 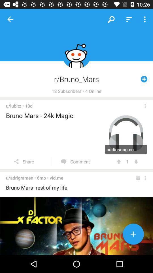 I want to click on open options or settings menu, so click(x=145, y=178).